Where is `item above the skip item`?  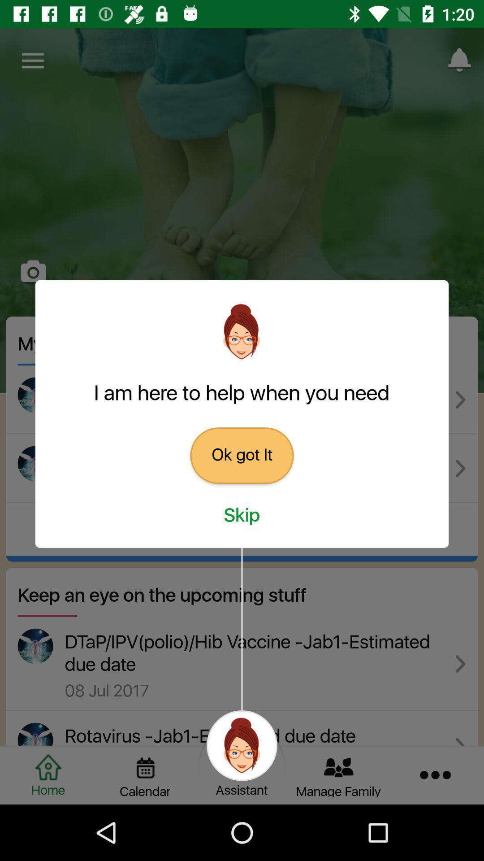 item above the skip item is located at coordinates (242, 456).